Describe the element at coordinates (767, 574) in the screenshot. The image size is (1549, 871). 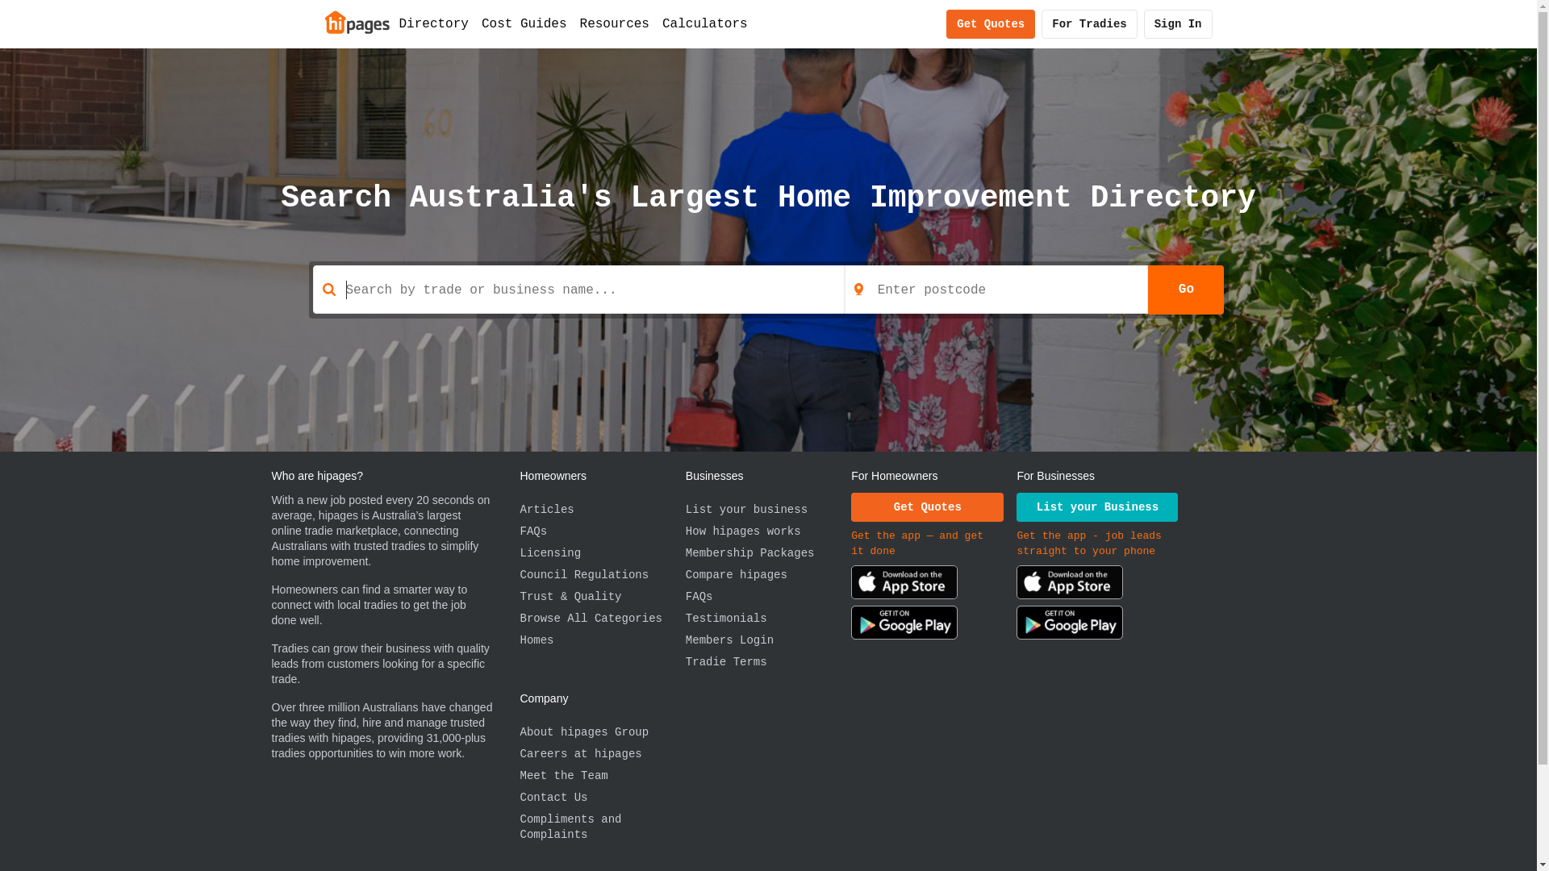
I see `'Compare hipages'` at that location.